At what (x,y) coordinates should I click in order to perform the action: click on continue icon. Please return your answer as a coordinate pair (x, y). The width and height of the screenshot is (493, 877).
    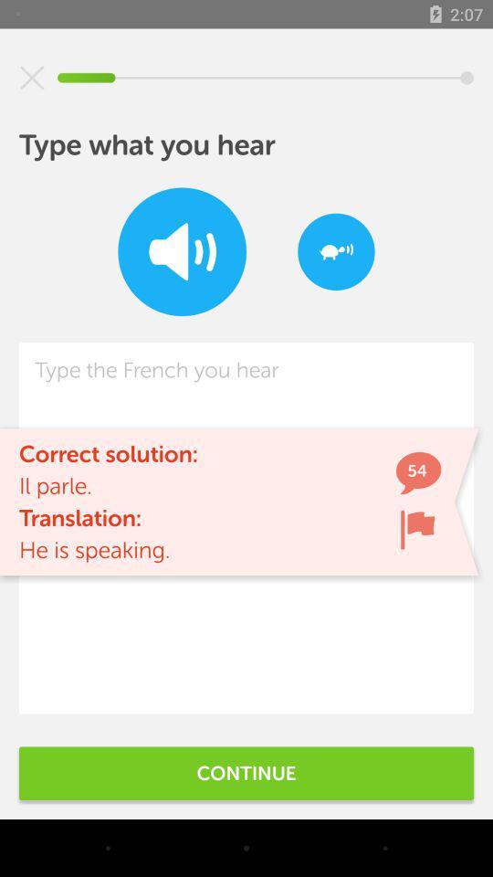
    Looking at the image, I should click on (246, 772).